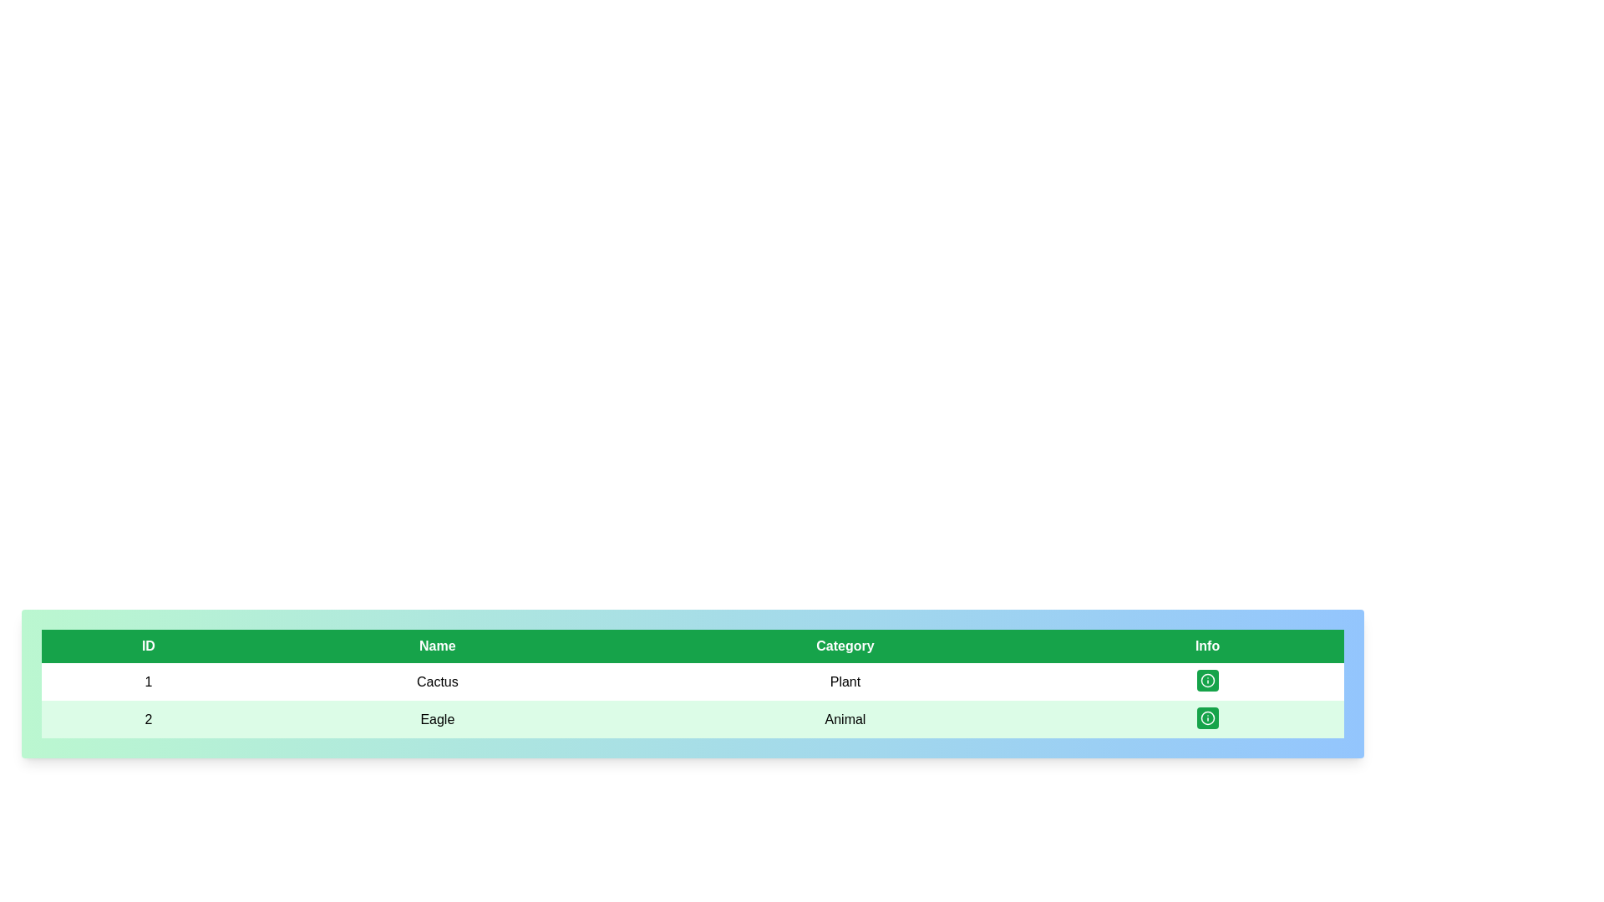 The width and height of the screenshot is (1604, 902). Describe the element at coordinates (1207, 680) in the screenshot. I see `the rounded green button with a white outline and a centered white circular icon located in the last column titled 'Info' of the first data row in the table` at that location.